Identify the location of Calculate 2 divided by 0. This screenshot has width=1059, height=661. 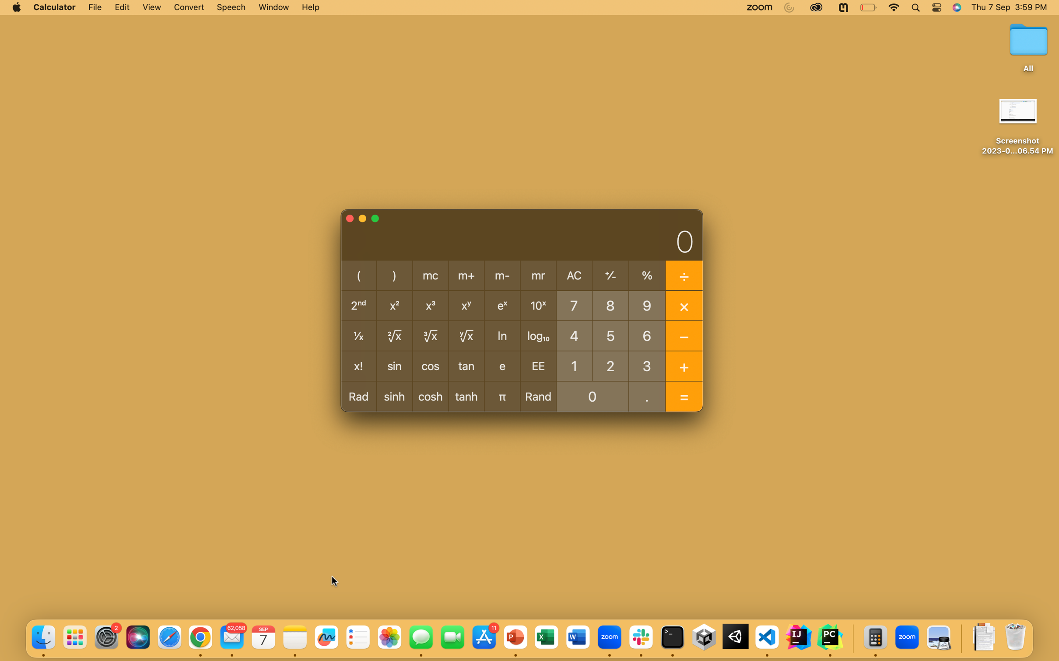
(610, 365).